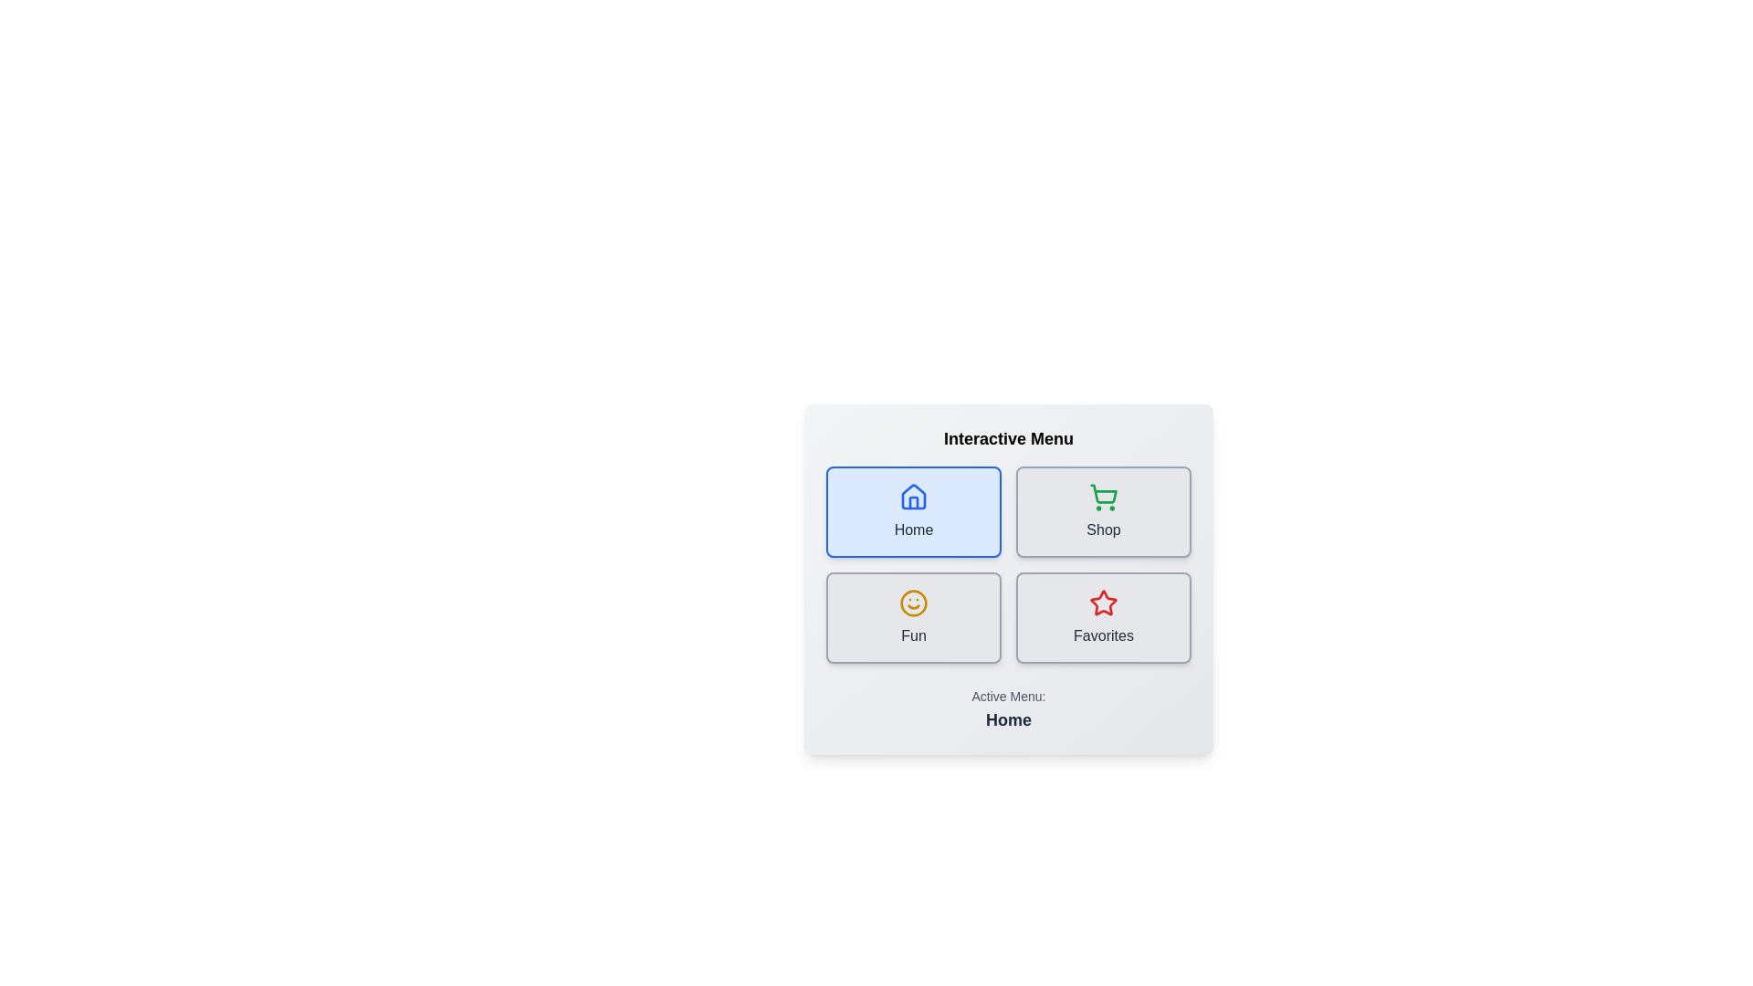 This screenshot has height=986, width=1753. Describe the element at coordinates (1103, 617) in the screenshot. I see `the button labeled Favorites to observe the hover effect` at that location.